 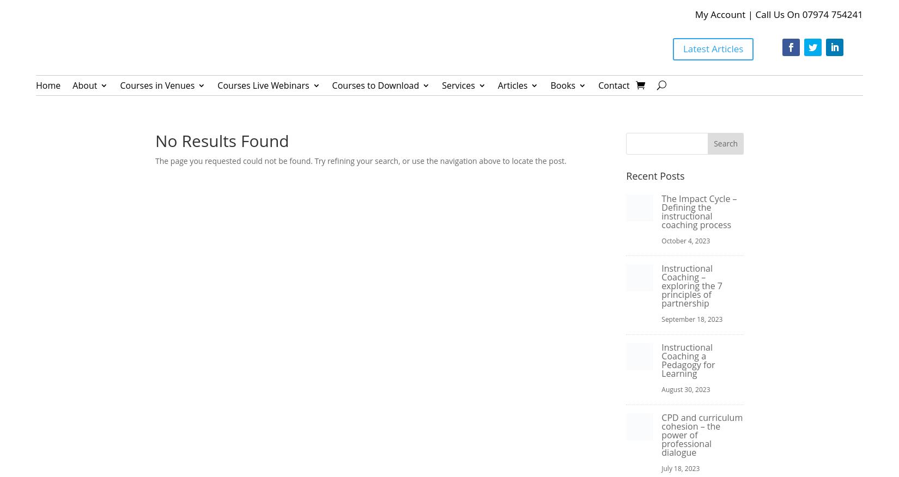 What do you see at coordinates (390, 145) in the screenshot?
I see `'Curriculum Teaching & Learning'` at bounding box center [390, 145].